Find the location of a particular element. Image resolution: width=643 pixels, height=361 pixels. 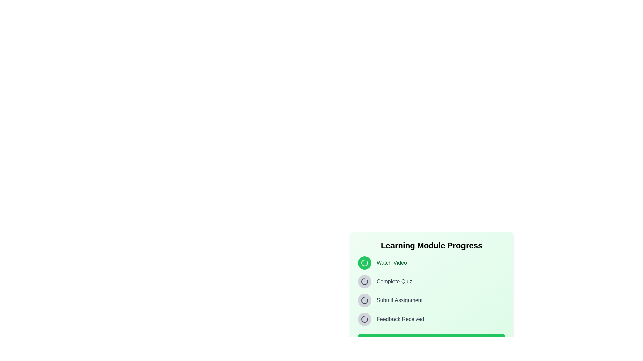

the Text label that displays the status 'Feedback Received' in the progress tracking interface is located at coordinates (400, 319).